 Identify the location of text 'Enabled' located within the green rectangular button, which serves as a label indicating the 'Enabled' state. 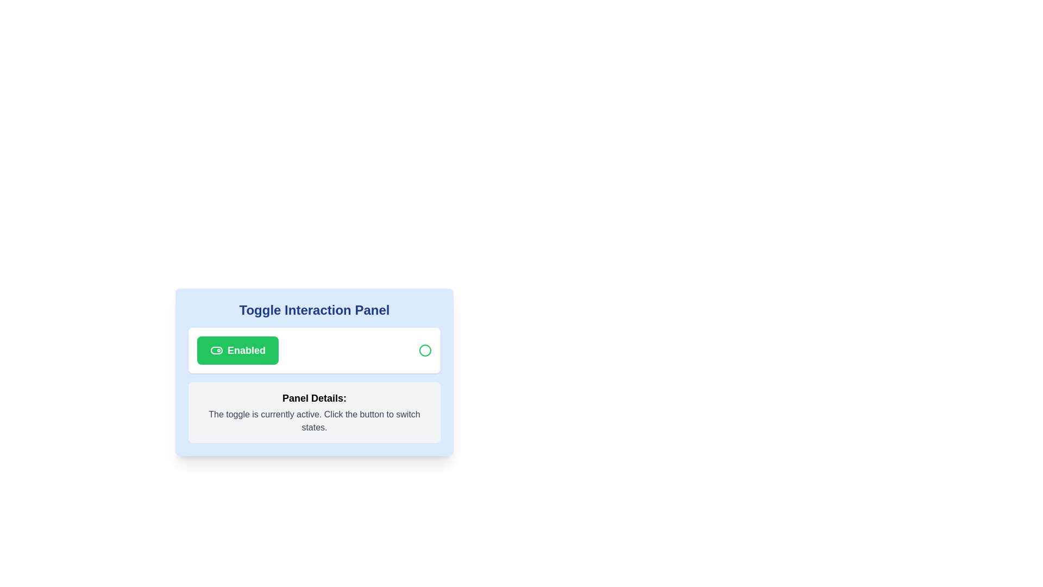
(246, 350).